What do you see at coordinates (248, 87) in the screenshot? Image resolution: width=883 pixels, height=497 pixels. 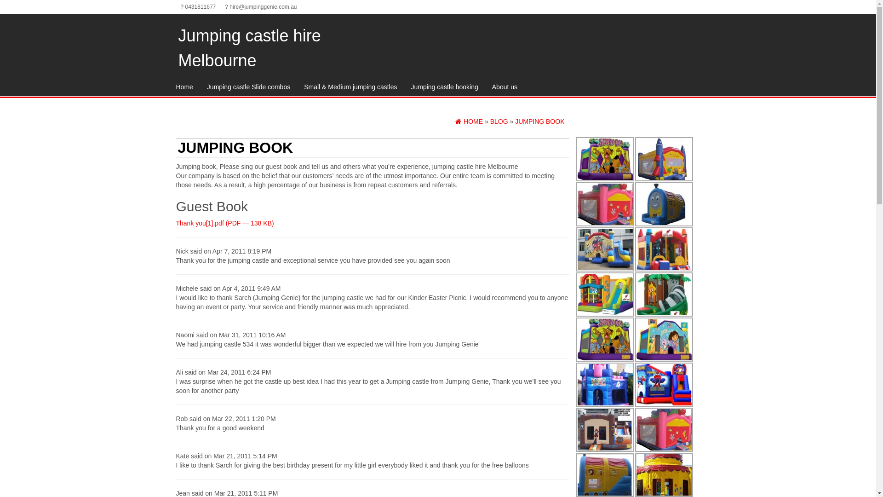 I see `'Jumping castle Slide combos'` at bounding box center [248, 87].